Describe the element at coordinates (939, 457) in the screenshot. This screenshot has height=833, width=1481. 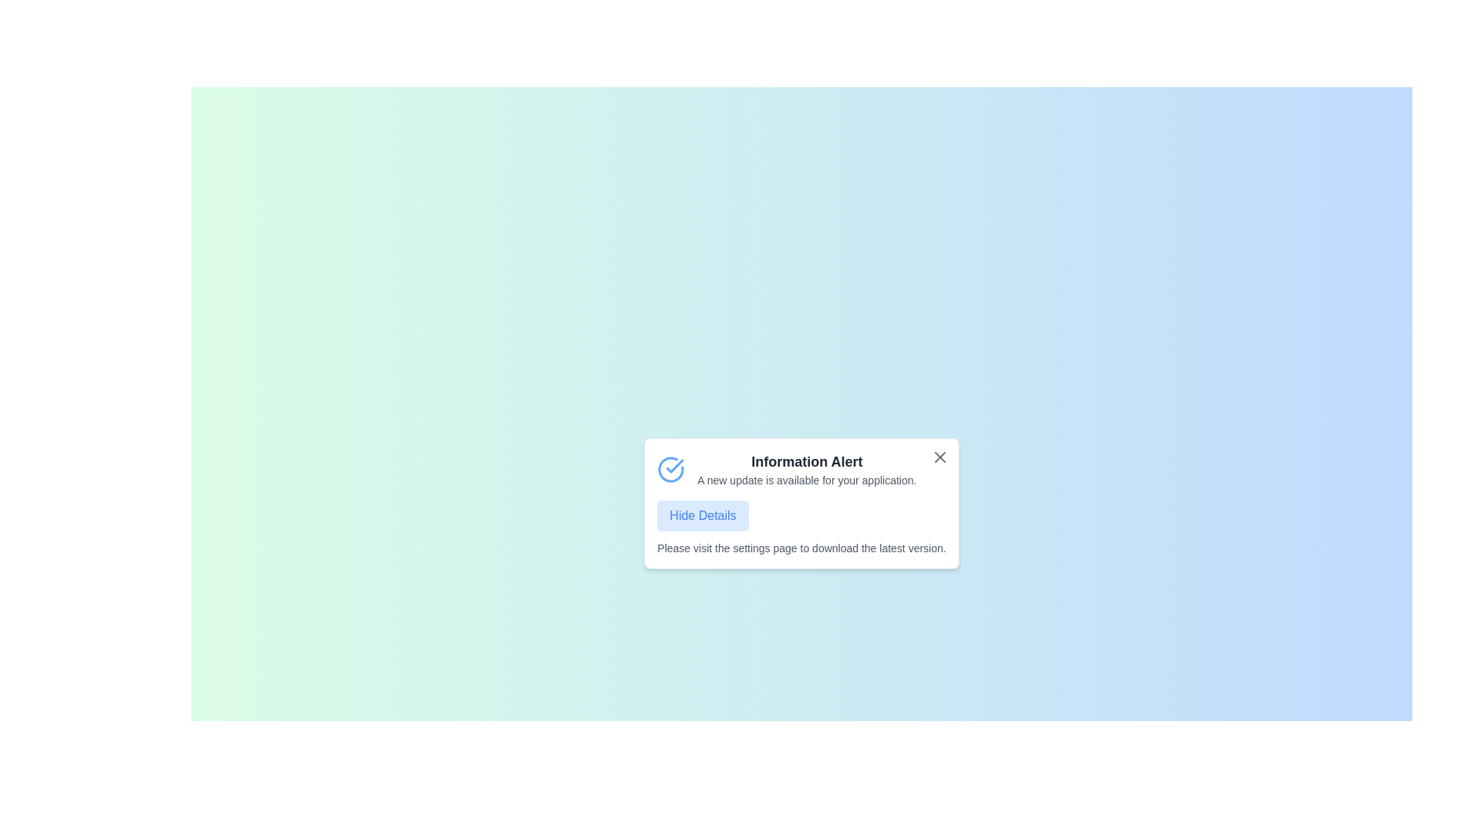
I see `close button on the notification panel` at that location.